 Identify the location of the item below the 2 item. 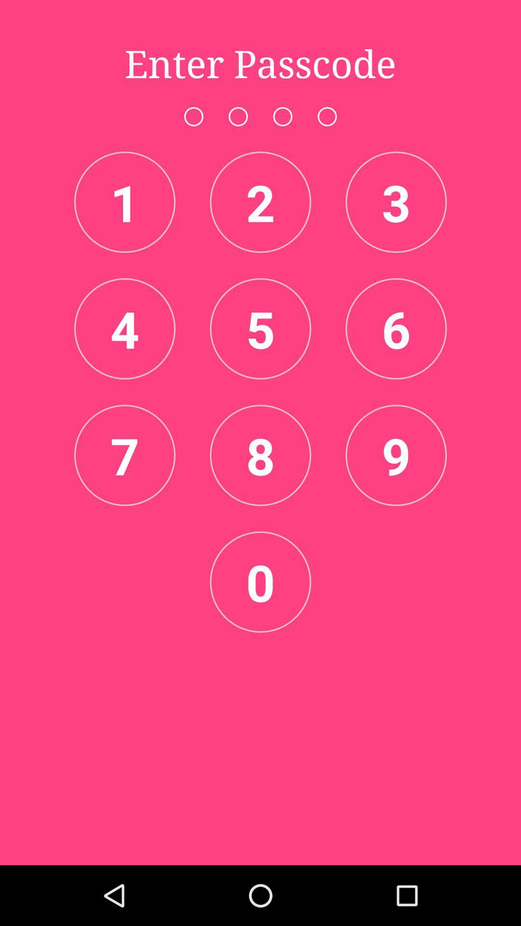
(260, 328).